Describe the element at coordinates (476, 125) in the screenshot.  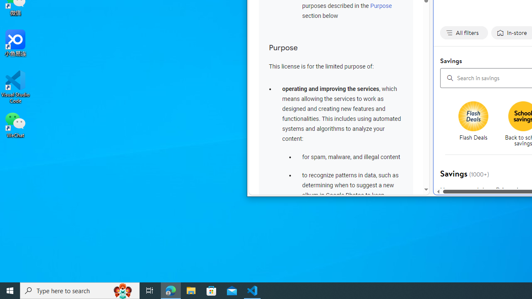
I see `'Flash Deals'` at that location.